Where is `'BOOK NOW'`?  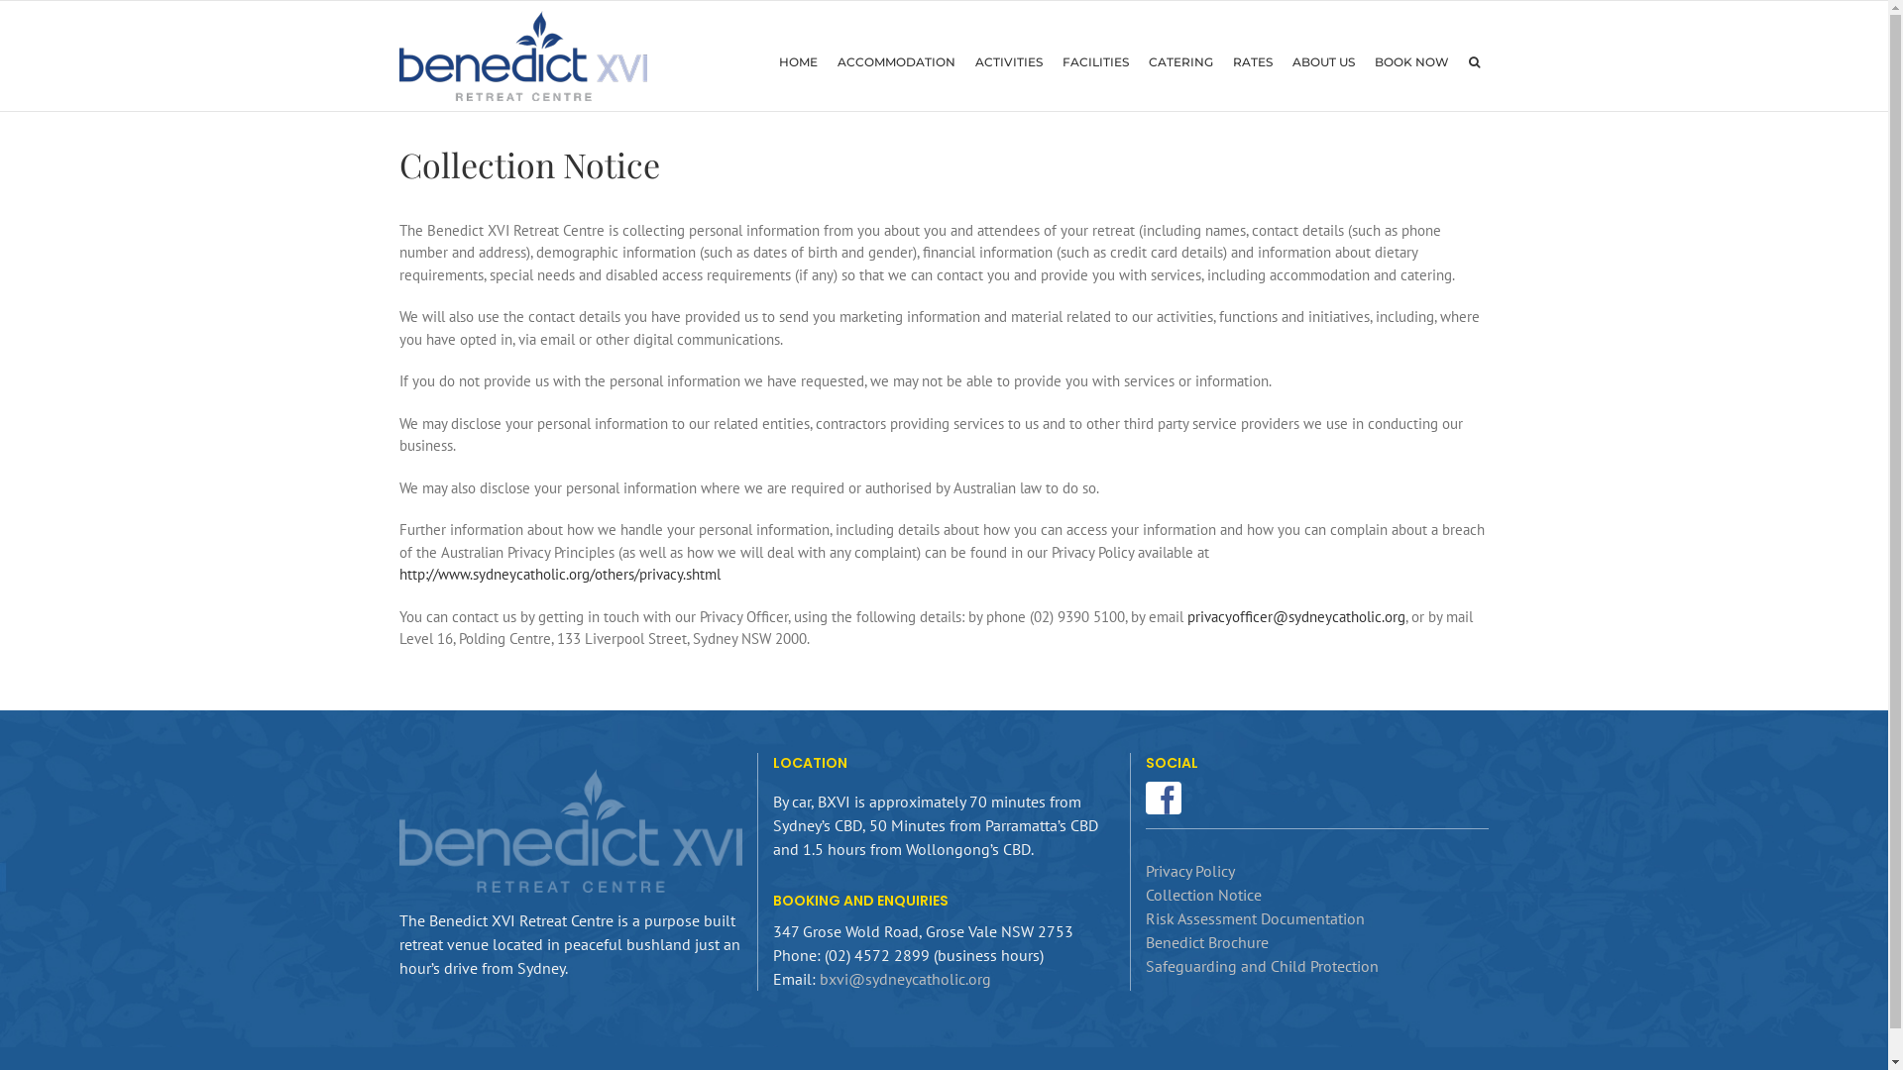 'BOOK NOW' is located at coordinates (1363, 60).